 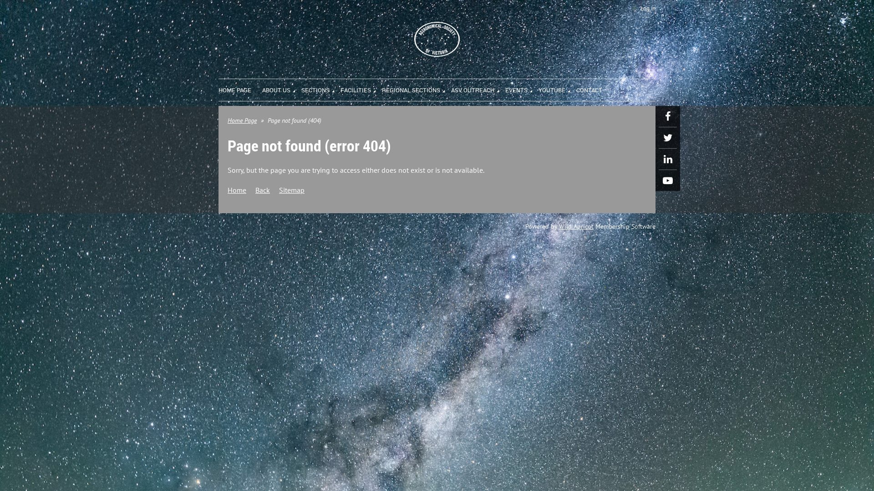 I want to click on 'Home', so click(x=237, y=189).